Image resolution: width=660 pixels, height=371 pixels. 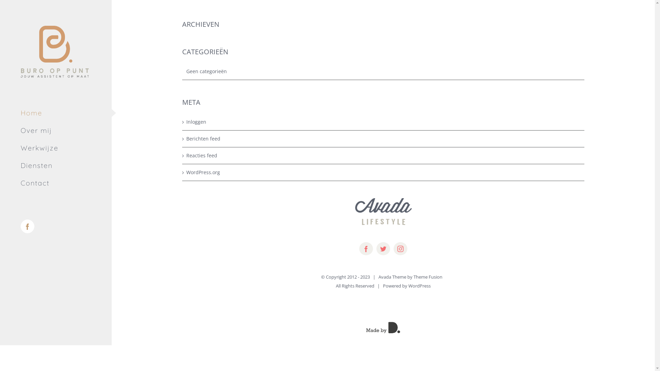 I want to click on 'Contact', so click(x=56, y=183).